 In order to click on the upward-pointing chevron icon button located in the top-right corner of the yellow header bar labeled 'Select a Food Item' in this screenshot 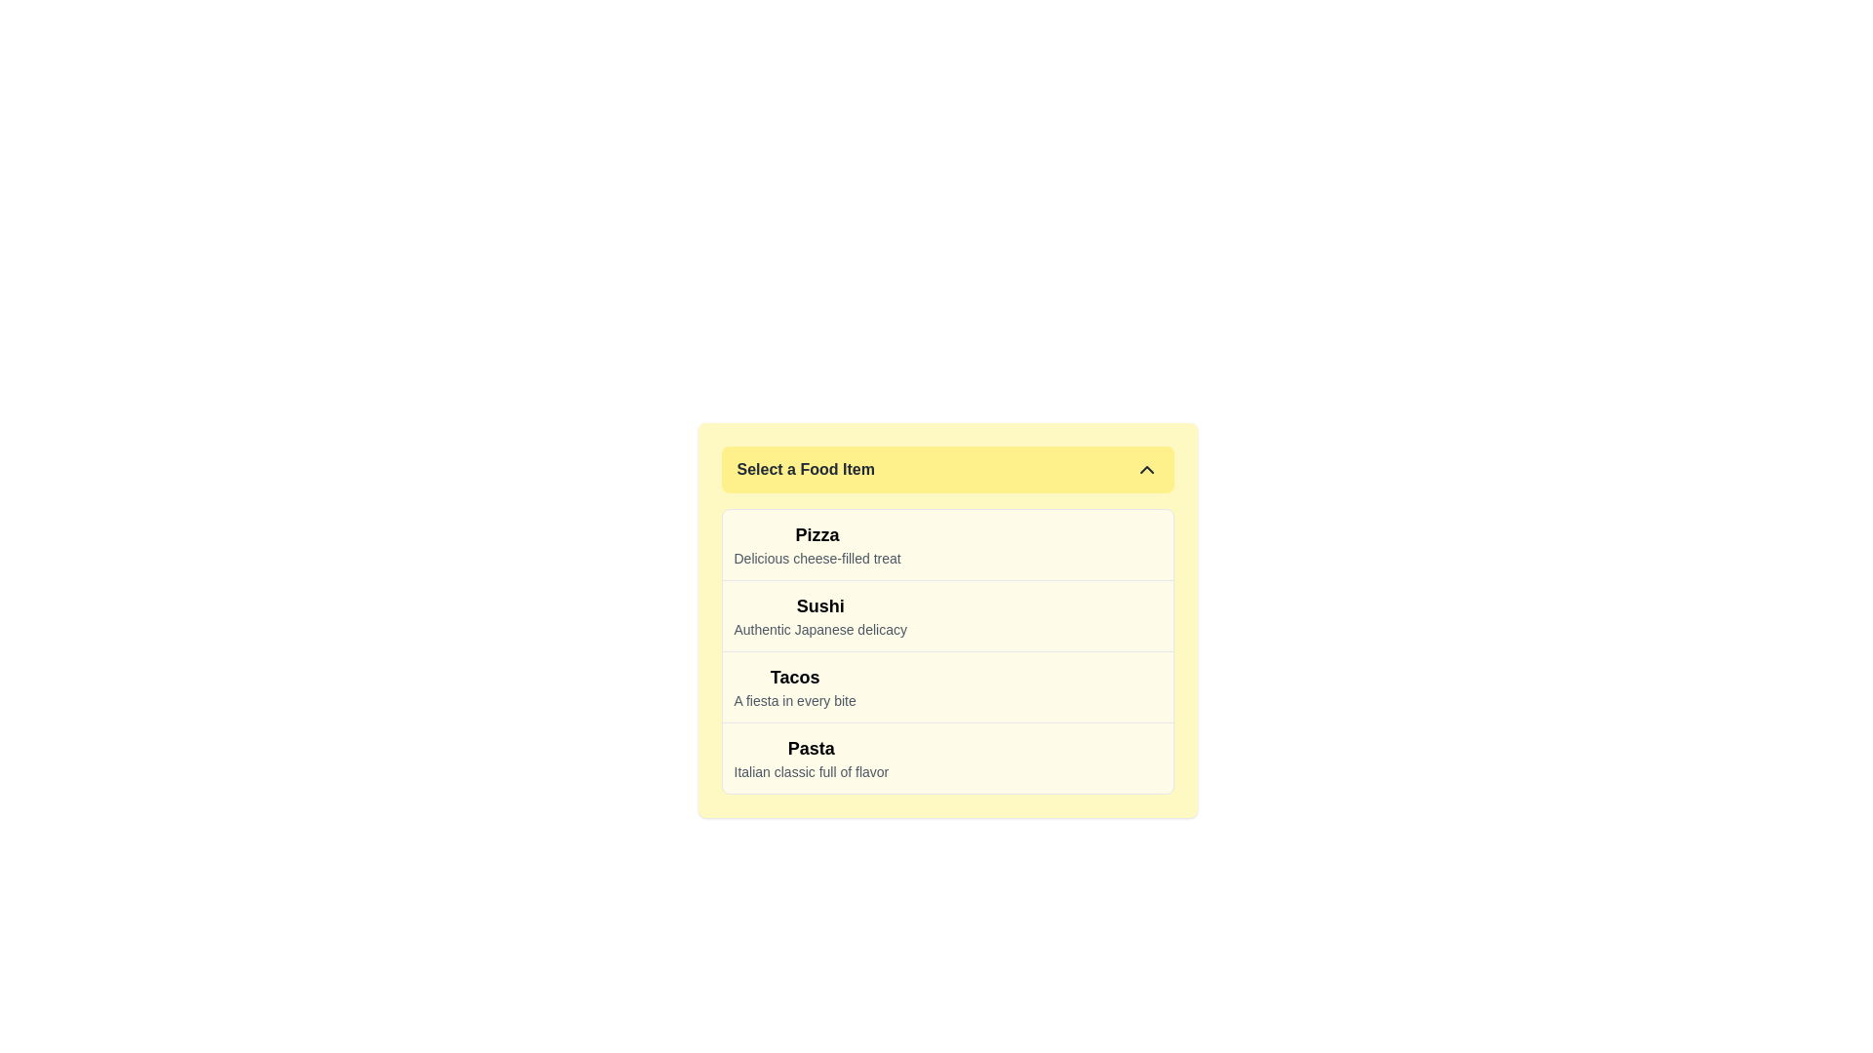, I will do `click(1146, 470)`.